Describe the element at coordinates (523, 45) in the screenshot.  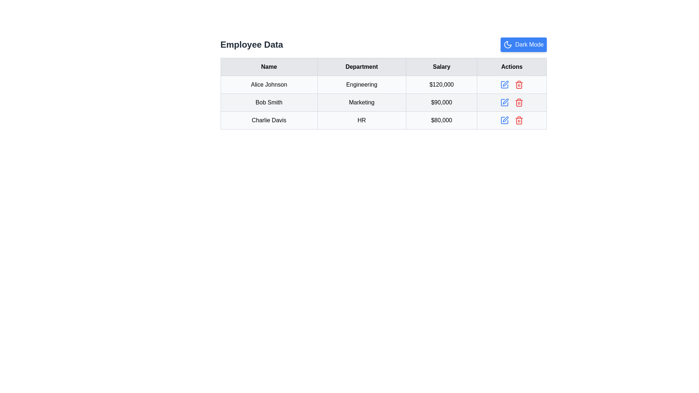
I see `the rectangular button with a blue background and white text labeled 'Dark Mode', located at the top-right corner of the 'Employee Data' section` at that location.